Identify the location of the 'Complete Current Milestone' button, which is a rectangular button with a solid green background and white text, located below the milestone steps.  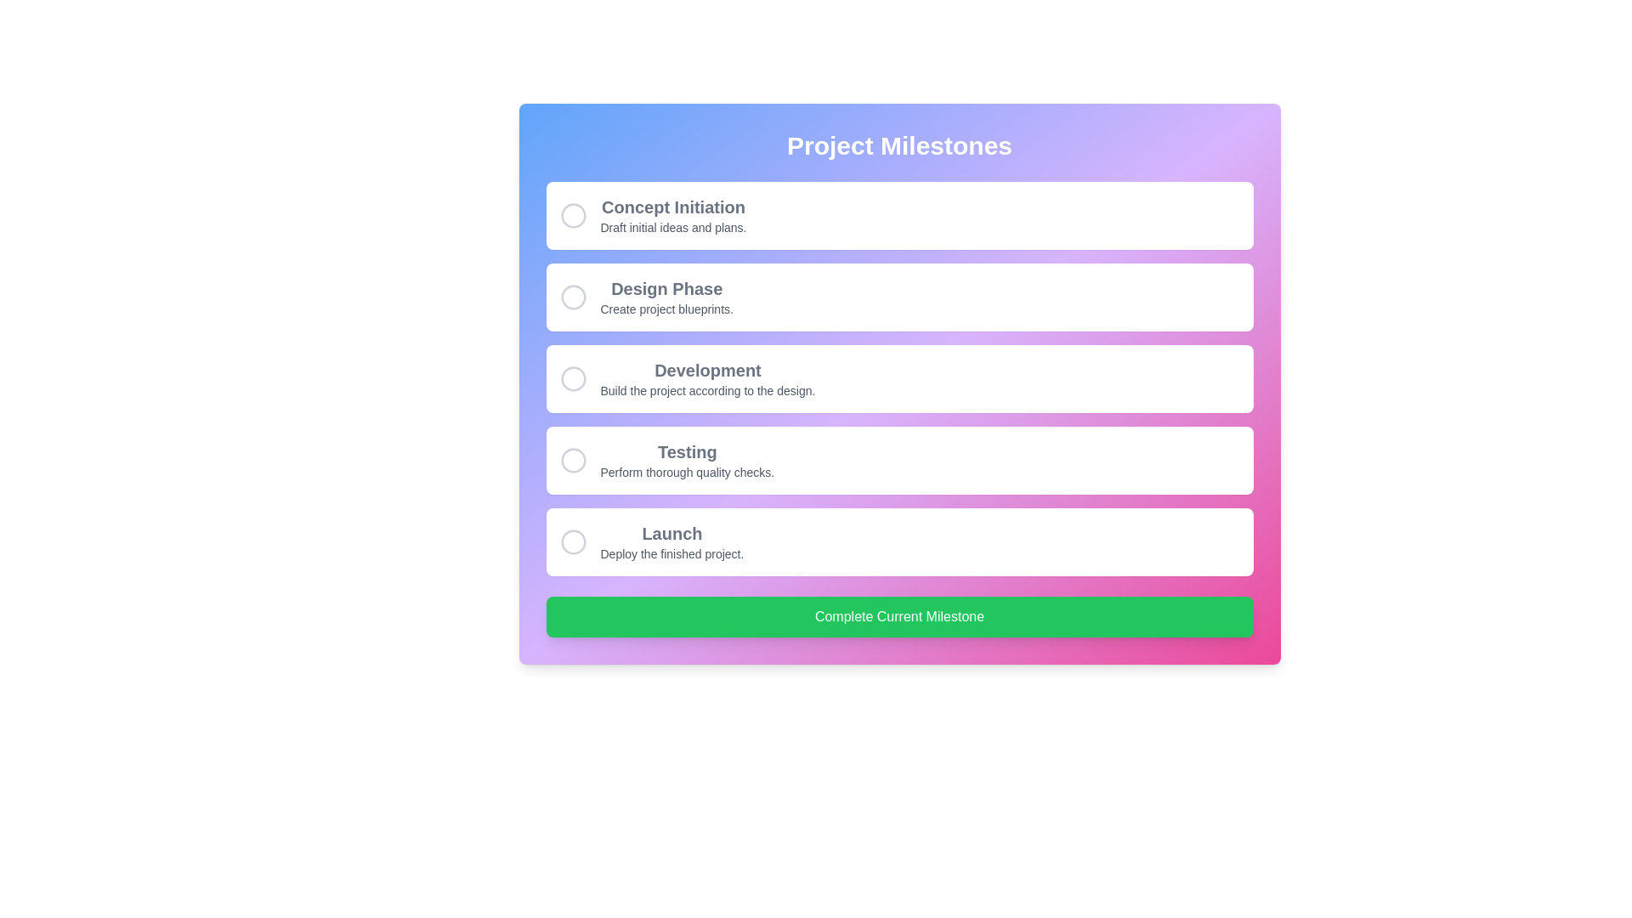
(898, 616).